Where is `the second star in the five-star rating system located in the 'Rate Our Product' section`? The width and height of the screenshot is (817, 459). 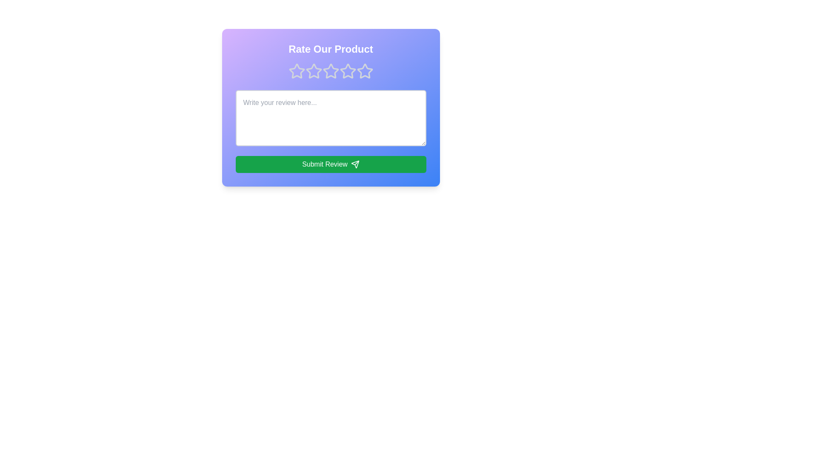
the second star in the five-star rating system located in the 'Rate Our Product' section is located at coordinates (313, 70).